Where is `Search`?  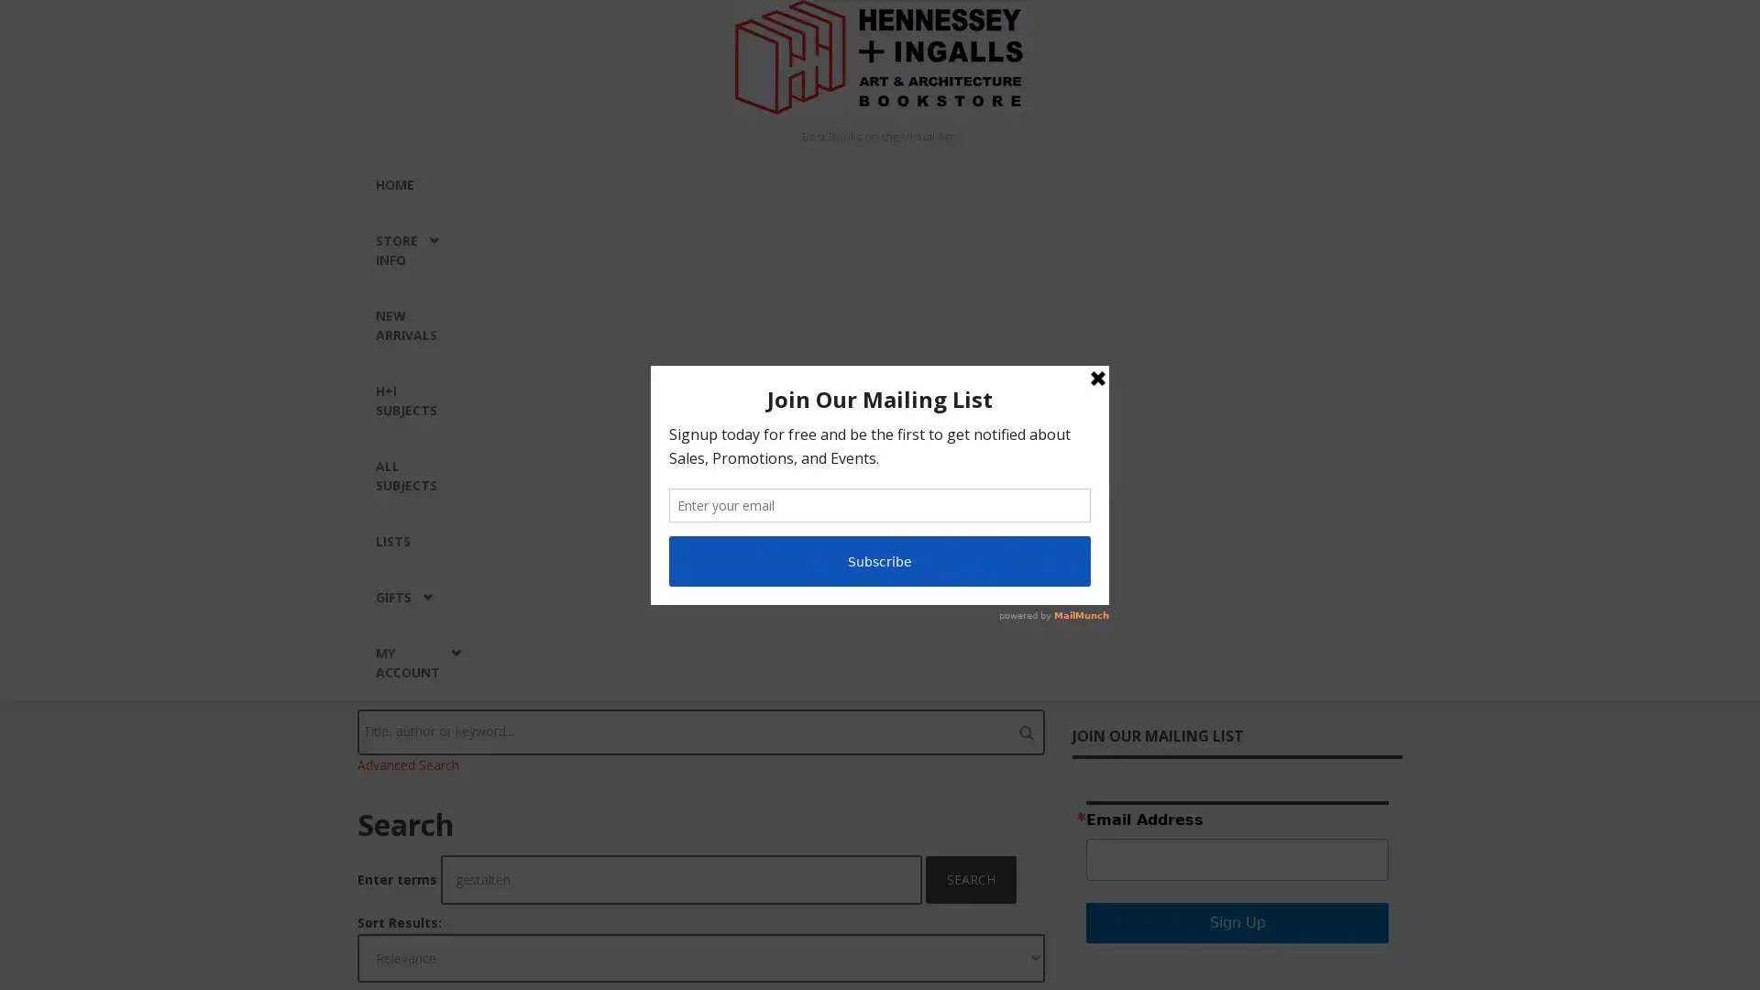
Search is located at coordinates (971, 879).